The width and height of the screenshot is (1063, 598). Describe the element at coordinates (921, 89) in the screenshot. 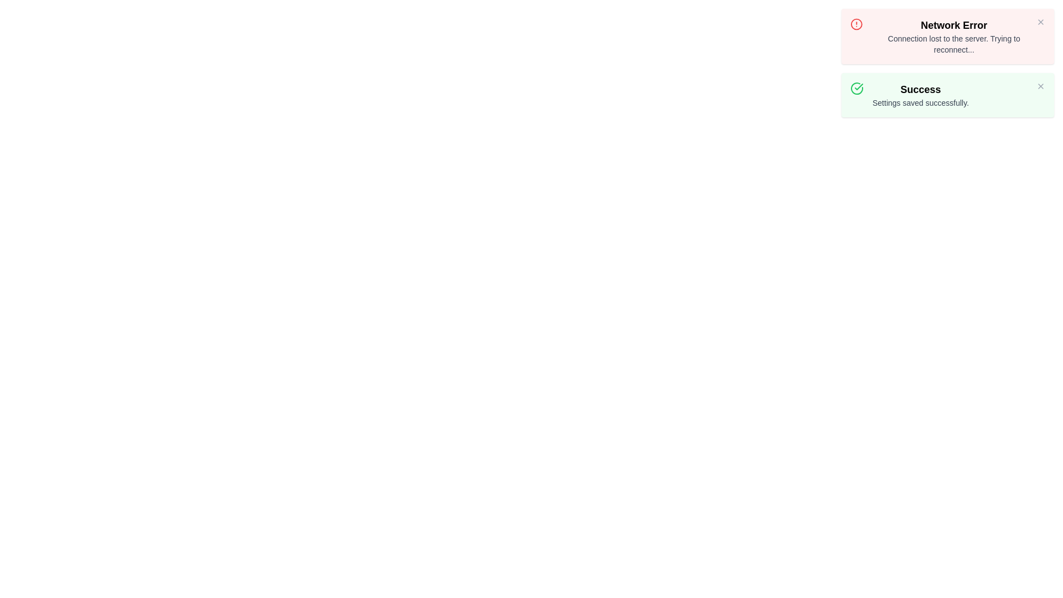

I see `the static text label that indicates a successful operation, positioned in the lower right of the interface` at that location.